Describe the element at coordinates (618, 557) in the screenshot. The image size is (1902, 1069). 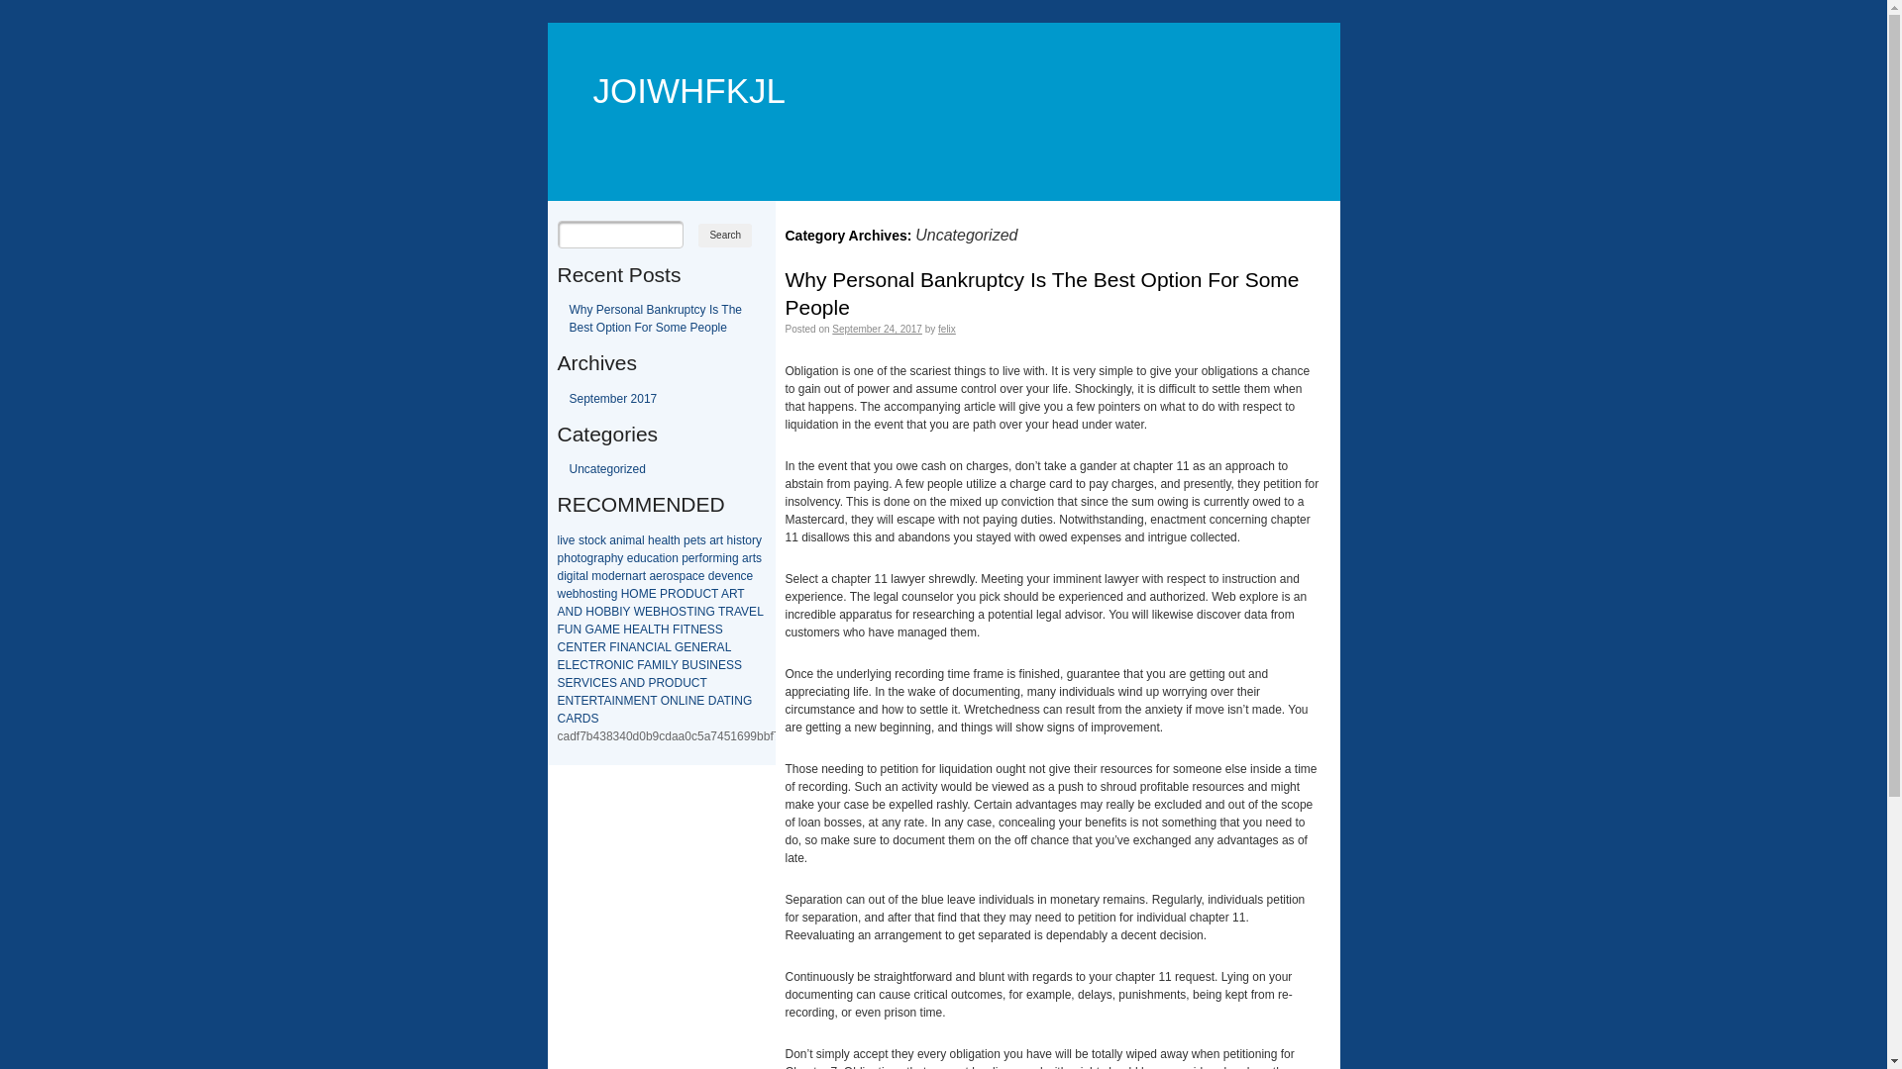
I see `'y'` at that location.